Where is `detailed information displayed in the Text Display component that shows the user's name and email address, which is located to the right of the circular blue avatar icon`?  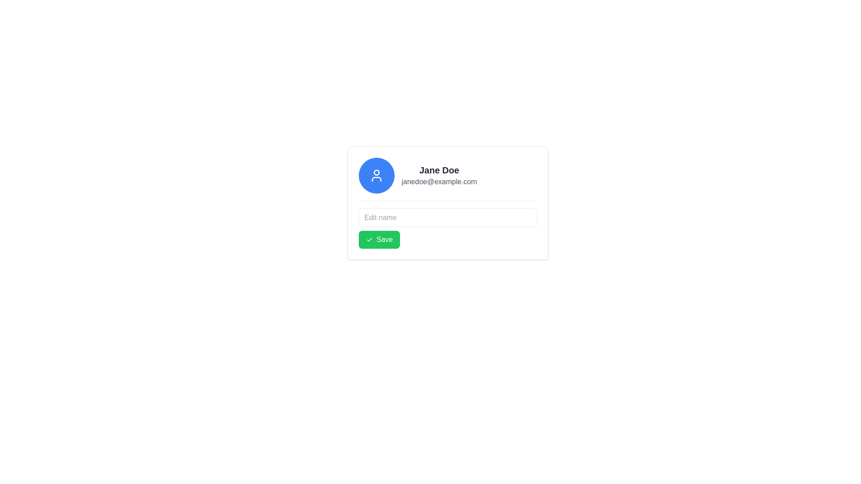 detailed information displayed in the Text Display component that shows the user's name and email address, which is located to the right of the circular blue avatar icon is located at coordinates (439, 176).